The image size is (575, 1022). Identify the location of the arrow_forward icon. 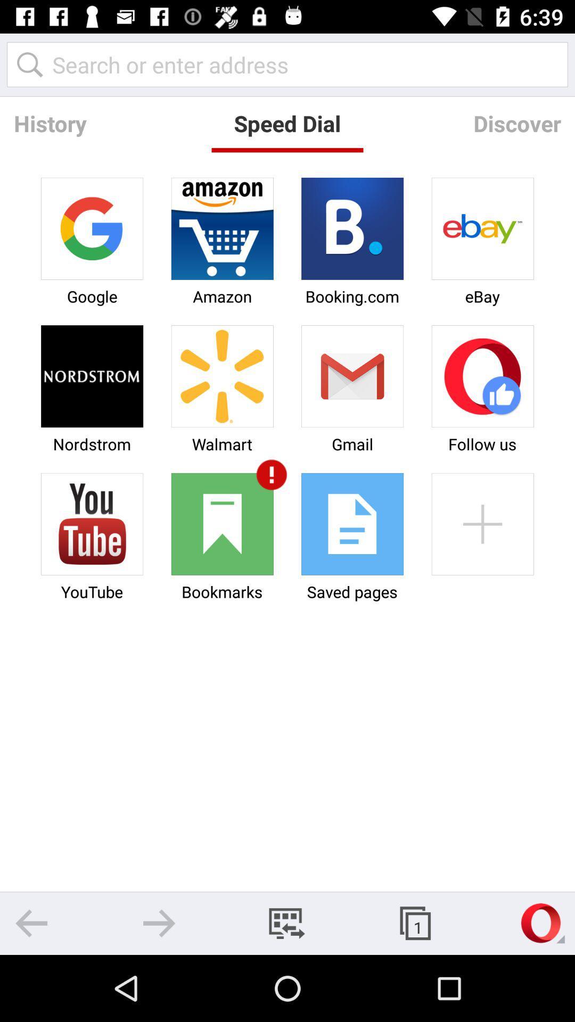
(159, 922).